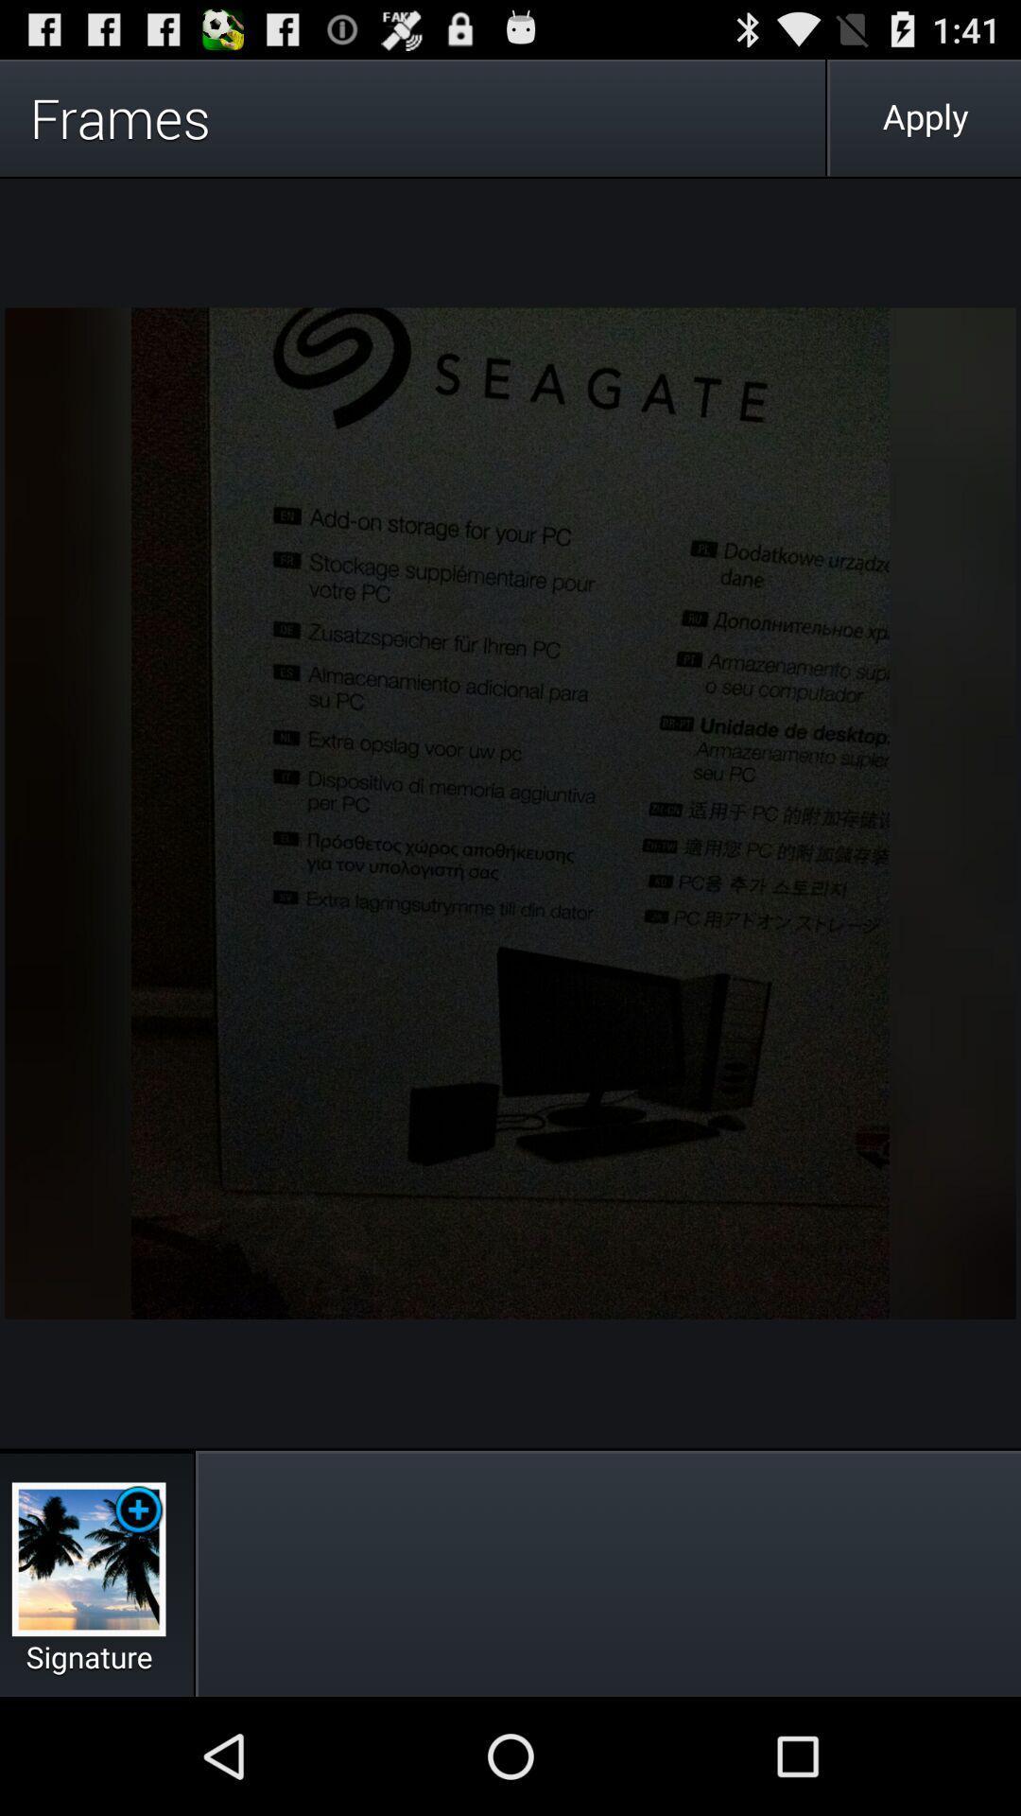  I want to click on the apply, so click(925, 116).